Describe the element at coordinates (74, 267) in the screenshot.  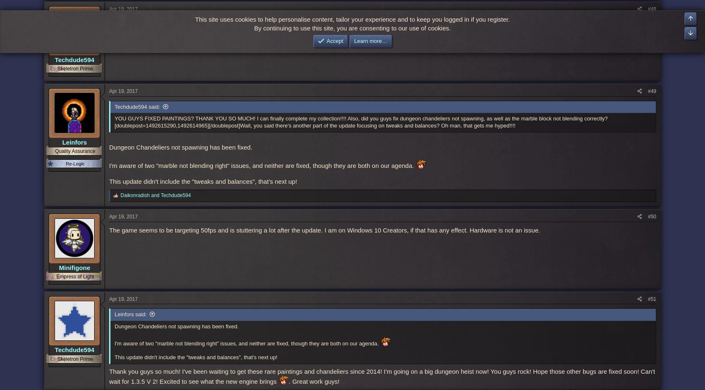
I see `'Minifigone'` at that location.